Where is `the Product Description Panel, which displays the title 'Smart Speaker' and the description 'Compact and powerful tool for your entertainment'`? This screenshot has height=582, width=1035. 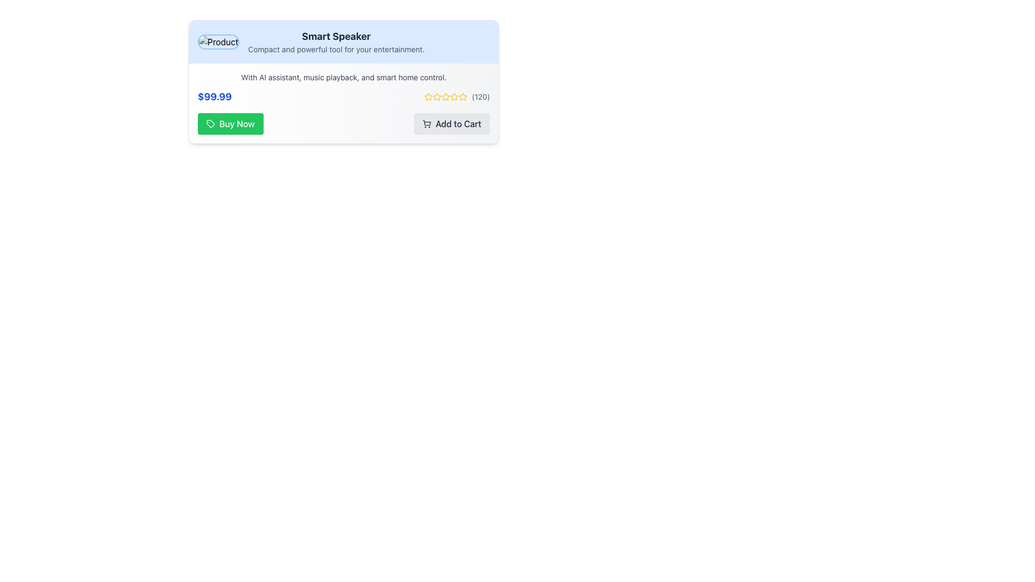 the Product Description Panel, which displays the title 'Smart Speaker' and the description 'Compact and powerful tool for your entertainment' is located at coordinates (343, 41).